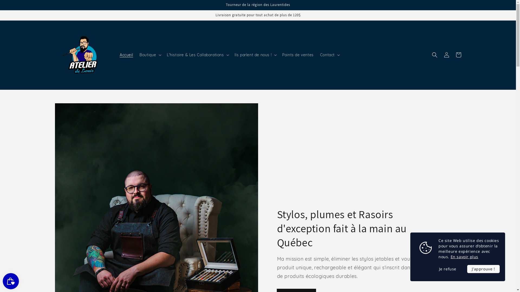  Describe the element at coordinates (126, 55) in the screenshot. I see `'Accueil'` at that location.